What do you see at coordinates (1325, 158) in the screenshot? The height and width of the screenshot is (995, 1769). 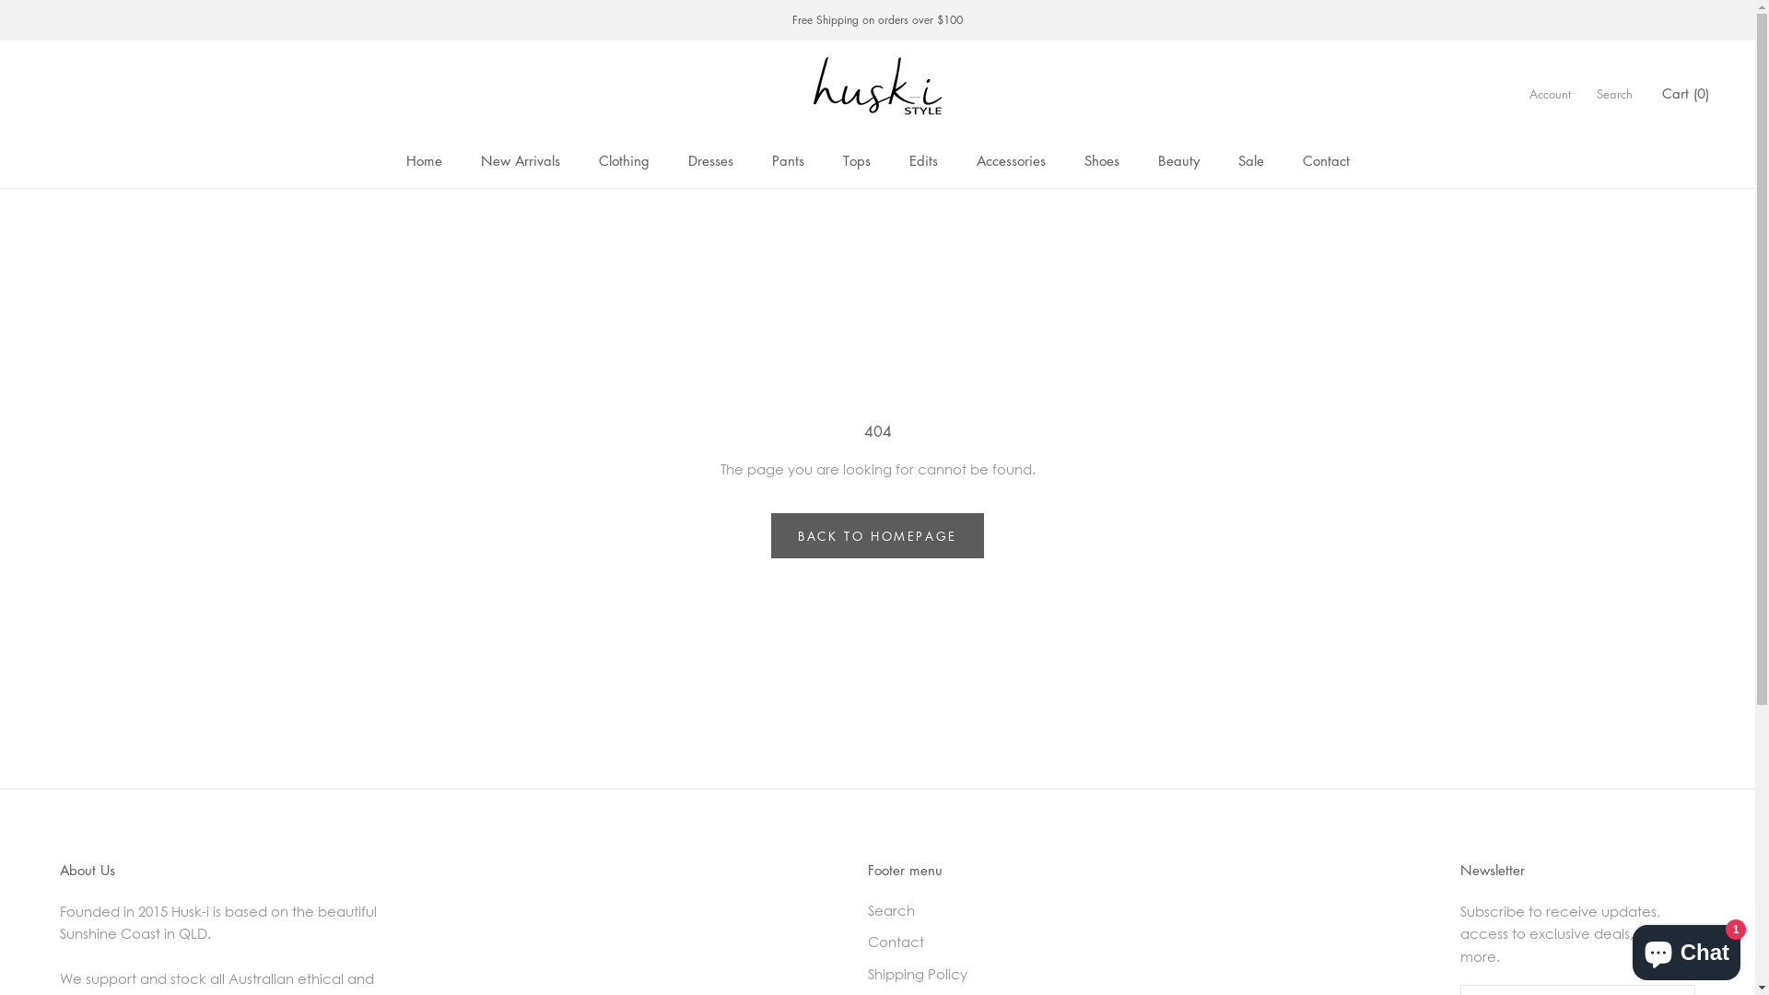 I see `'Contact` at bounding box center [1325, 158].